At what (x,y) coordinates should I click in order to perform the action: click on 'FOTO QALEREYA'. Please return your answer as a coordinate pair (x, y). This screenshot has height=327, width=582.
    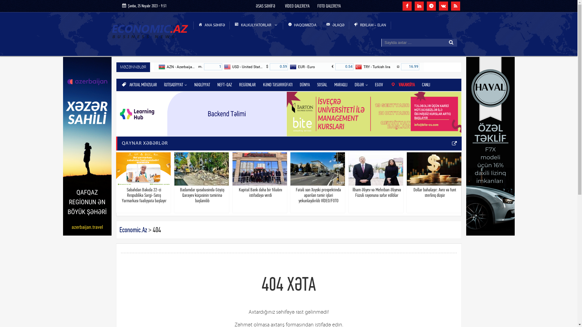
    Looking at the image, I should click on (329, 6).